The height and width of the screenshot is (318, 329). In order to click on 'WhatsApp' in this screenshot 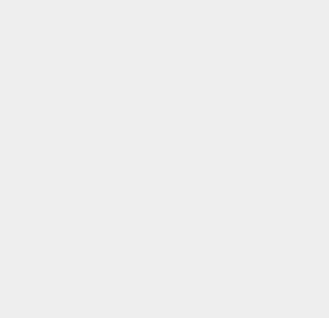, I will do `click(242, 134)`.